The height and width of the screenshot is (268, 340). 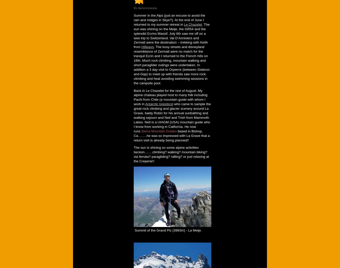 I want to click on 'Hillways', so click(x=141, y=47).